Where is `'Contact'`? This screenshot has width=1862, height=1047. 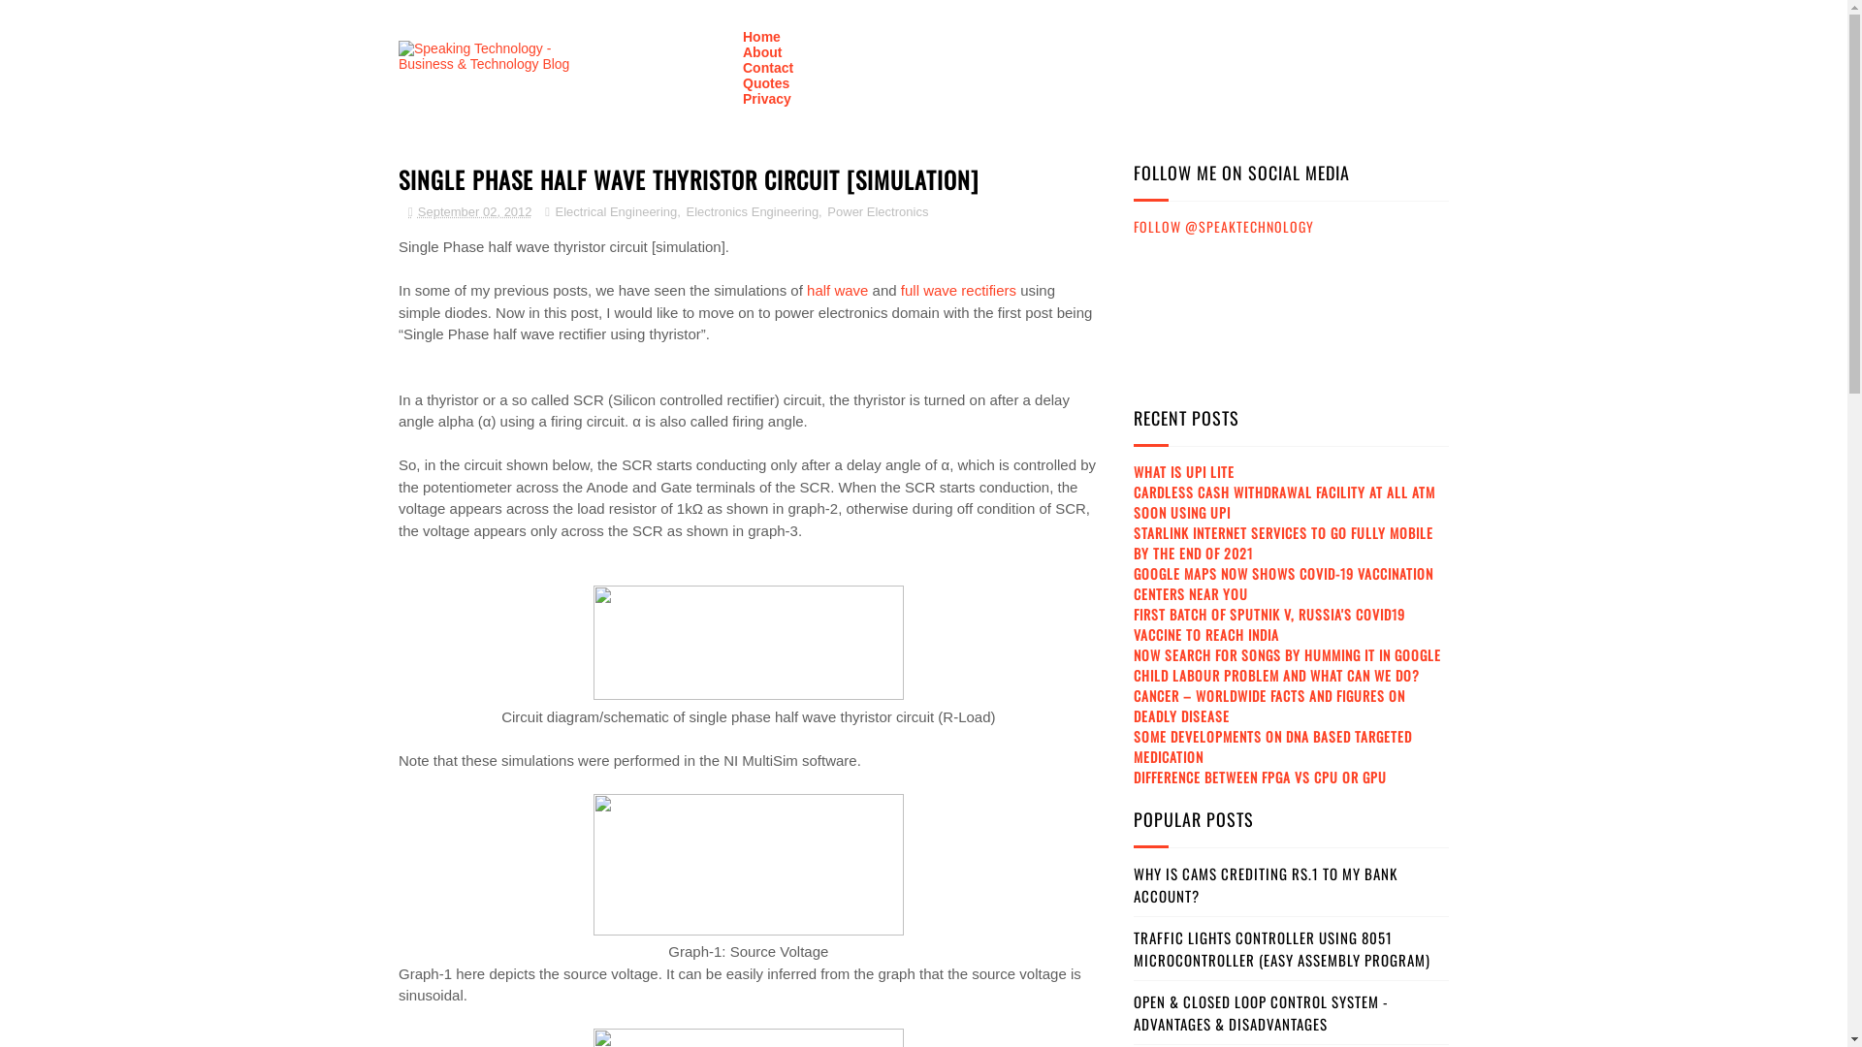 'Contact' is located at coordinates (767, 66).